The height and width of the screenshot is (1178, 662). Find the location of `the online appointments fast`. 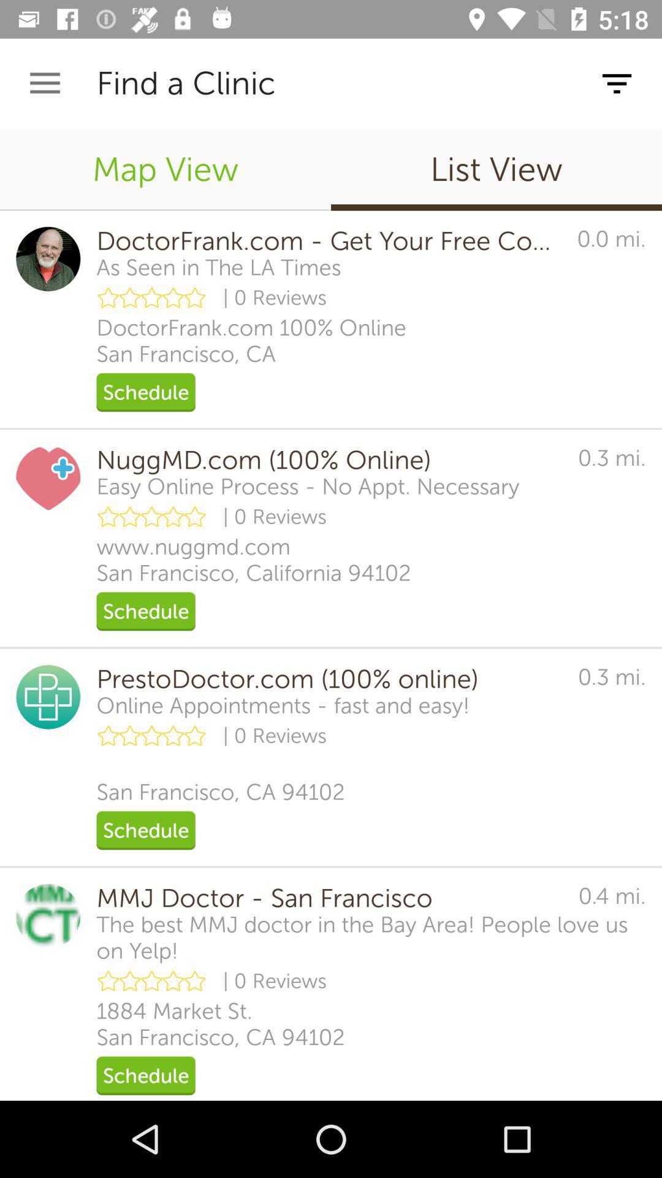

the online appointments fast is located at coordinates (283, 706).